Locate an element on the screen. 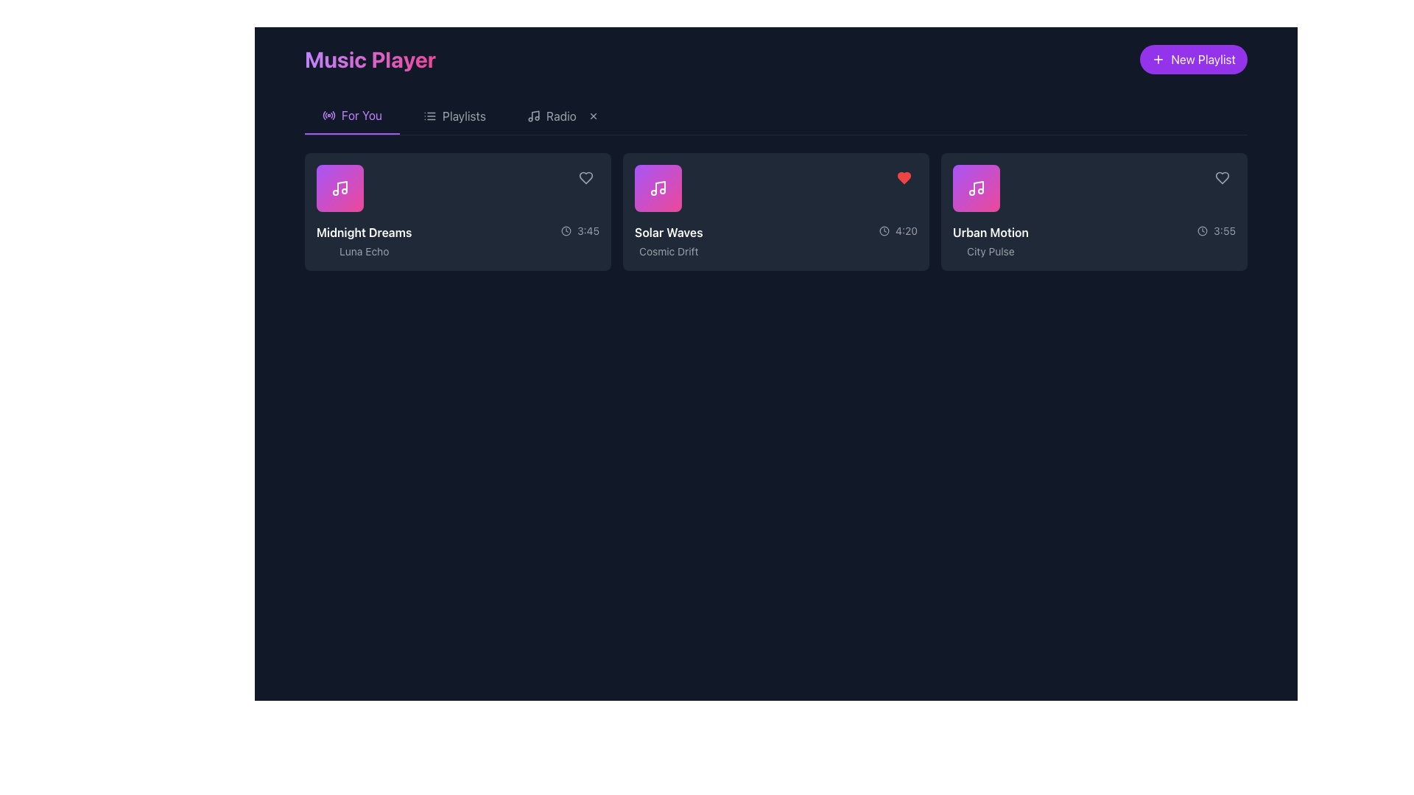 Image resolution: width=1414 pixels, height=795 pixels. the small circular clock icon located next to the '4:20' time label in the 'Solar Waves' music card is located at coordinates (884, 230).